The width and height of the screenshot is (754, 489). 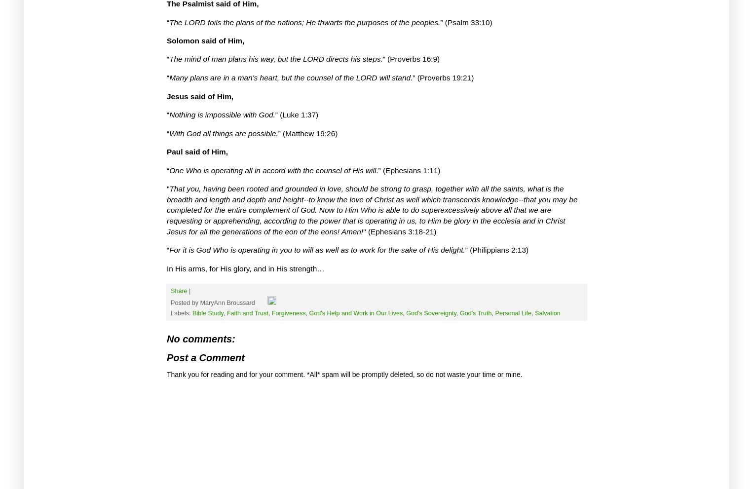 I want to click on 'Nothing is impossible with God.', so click(x=221, y=114).